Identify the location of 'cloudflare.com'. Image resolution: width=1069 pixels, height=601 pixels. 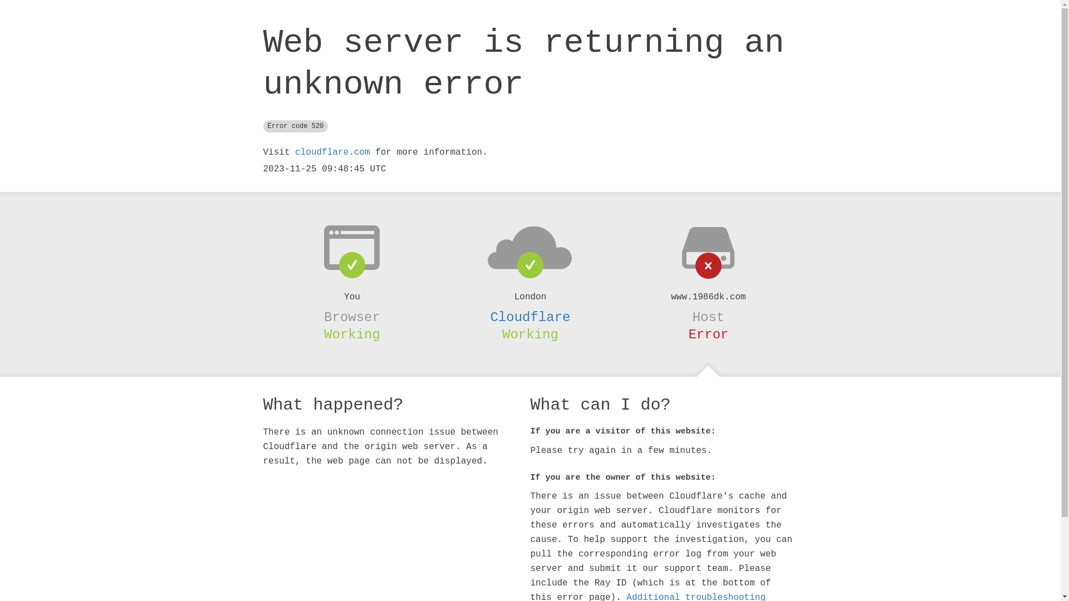
(331, 152).